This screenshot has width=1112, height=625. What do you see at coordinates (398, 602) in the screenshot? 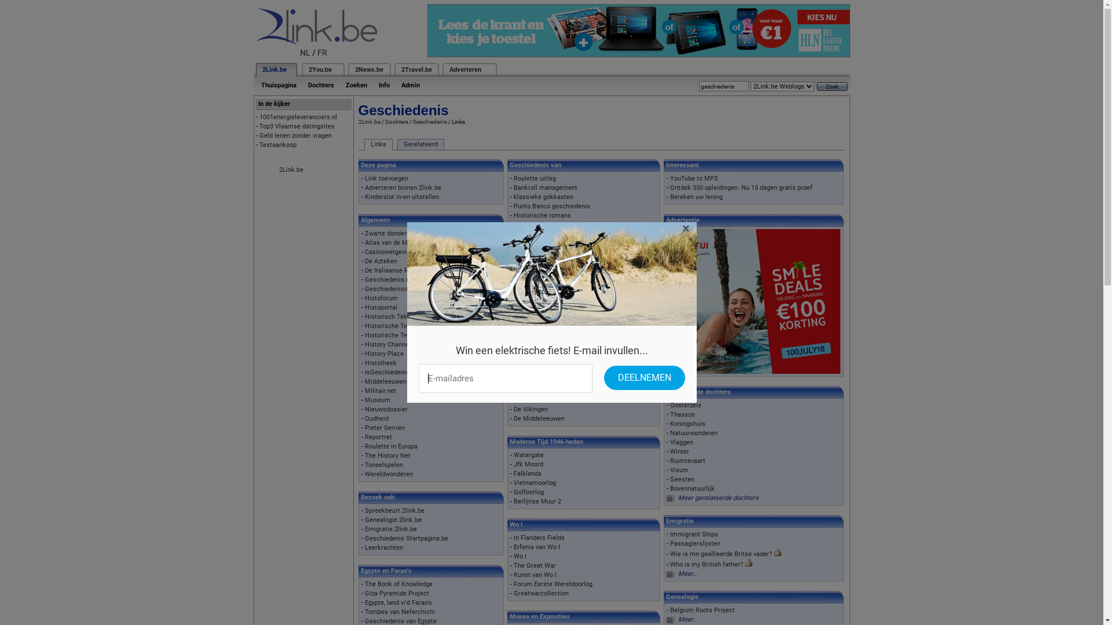
I see `'Egypte, land v/d Farao's'` at bounding box center [398, 602].